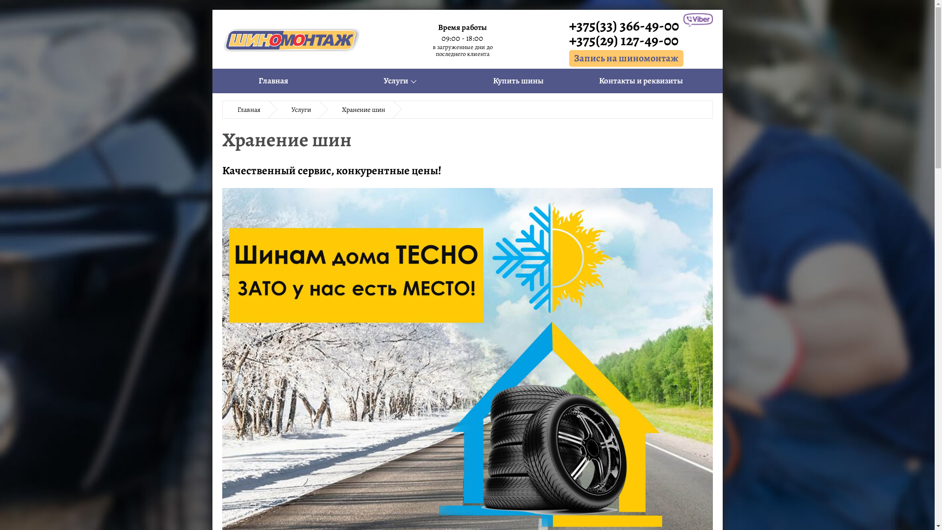  Describe the element at coordinates (626, 25) in the screenshot. I see `'+375(33) 366-49-00'` at that location.